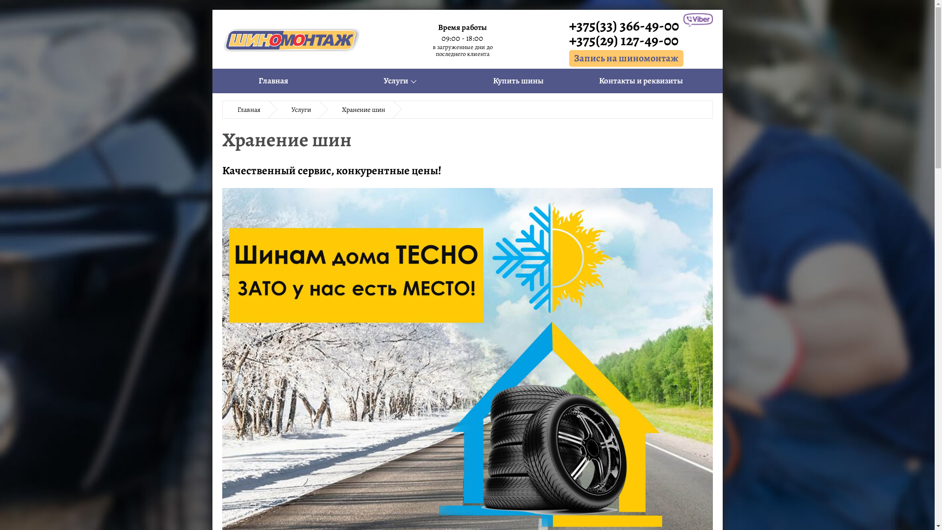  Describe the element at coordinates (626, 25) in the screenshot. I see `'+375(33) 366-49-00'` at that location.